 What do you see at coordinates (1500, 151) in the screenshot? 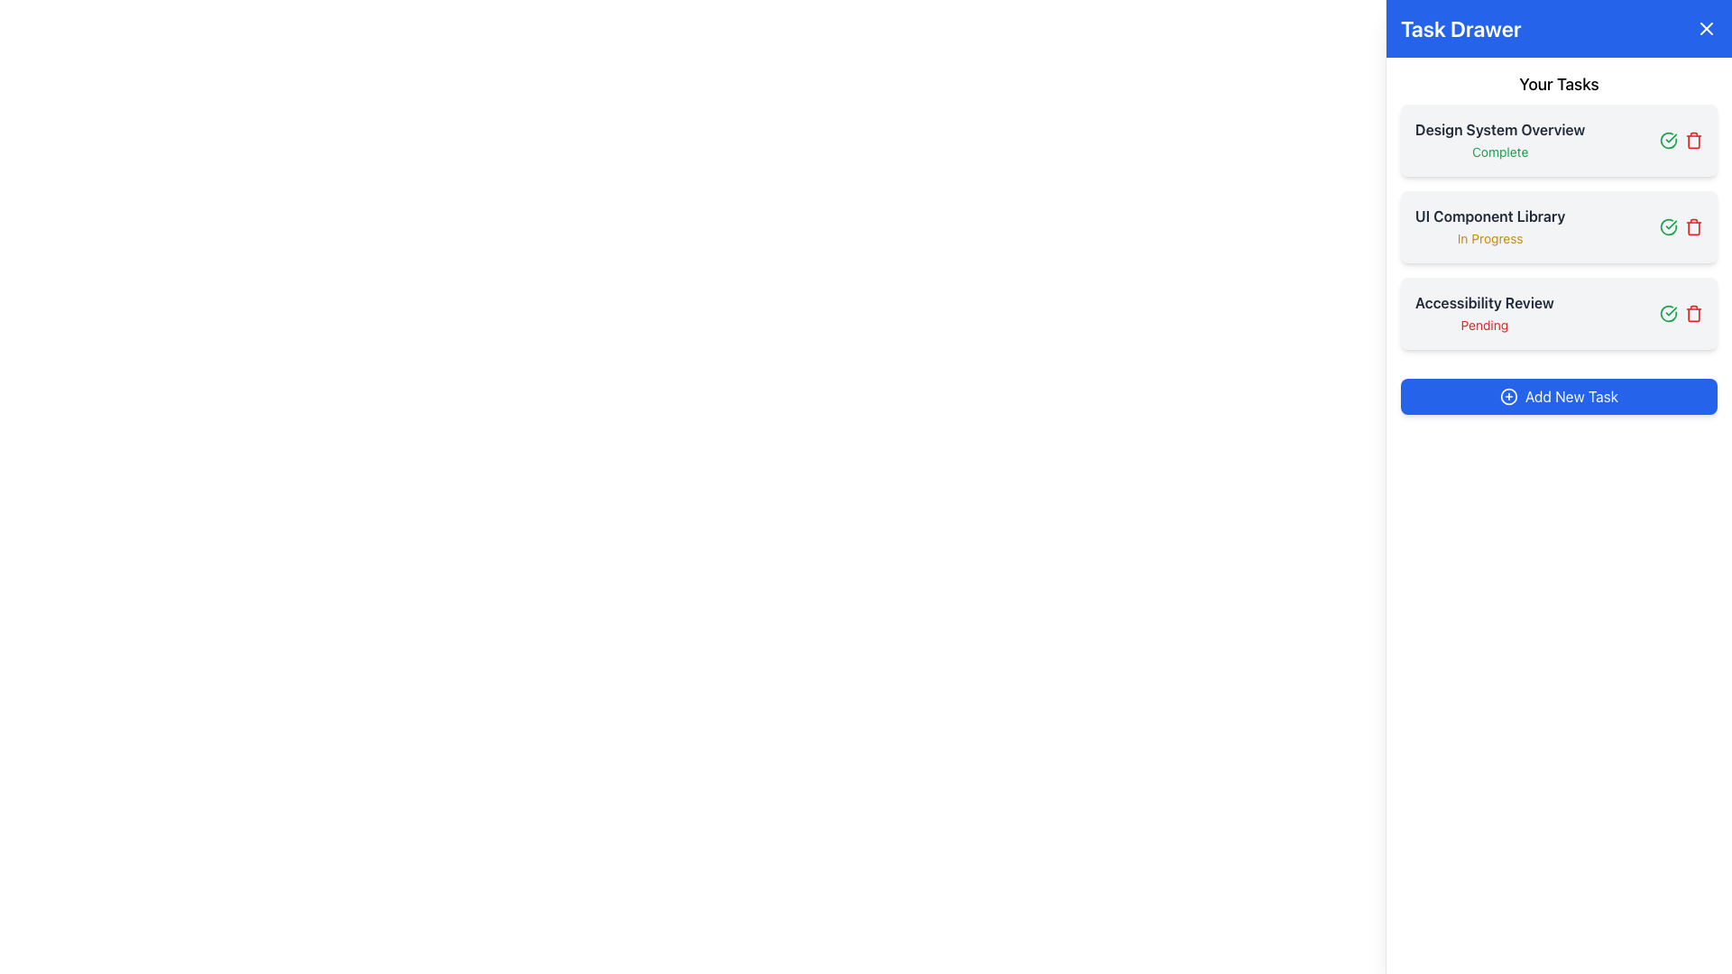
I see `text label that displays 'Complete', which is styled in small green-colored font and located below the 'Design System Overview' heading in the task list` at bounding box center [1500, 151].